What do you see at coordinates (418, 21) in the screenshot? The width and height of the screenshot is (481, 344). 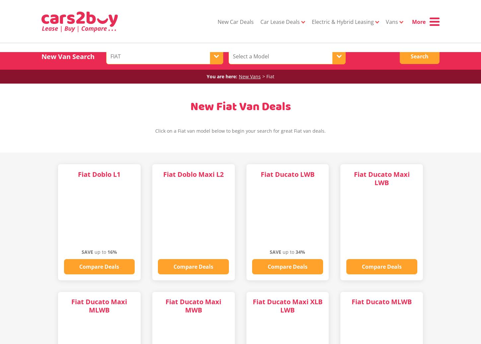 I see `'More'` at bounding box center [418, 21].